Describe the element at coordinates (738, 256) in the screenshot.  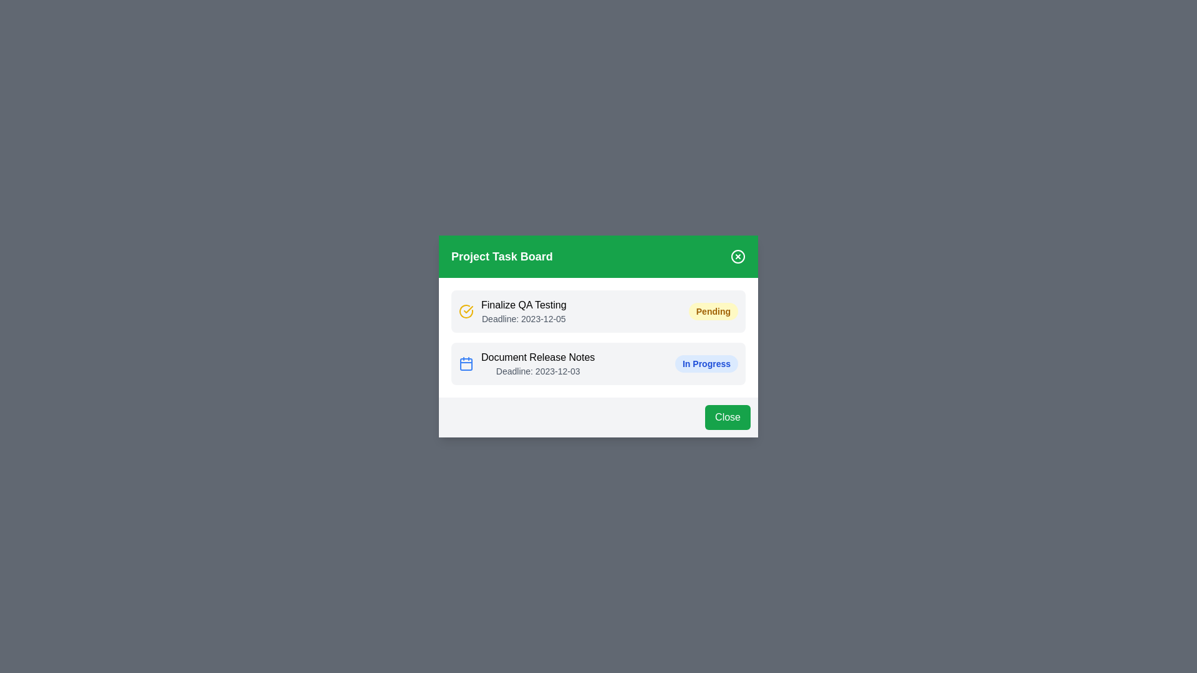
I see `the close button in the header to close the dialog` at that location.